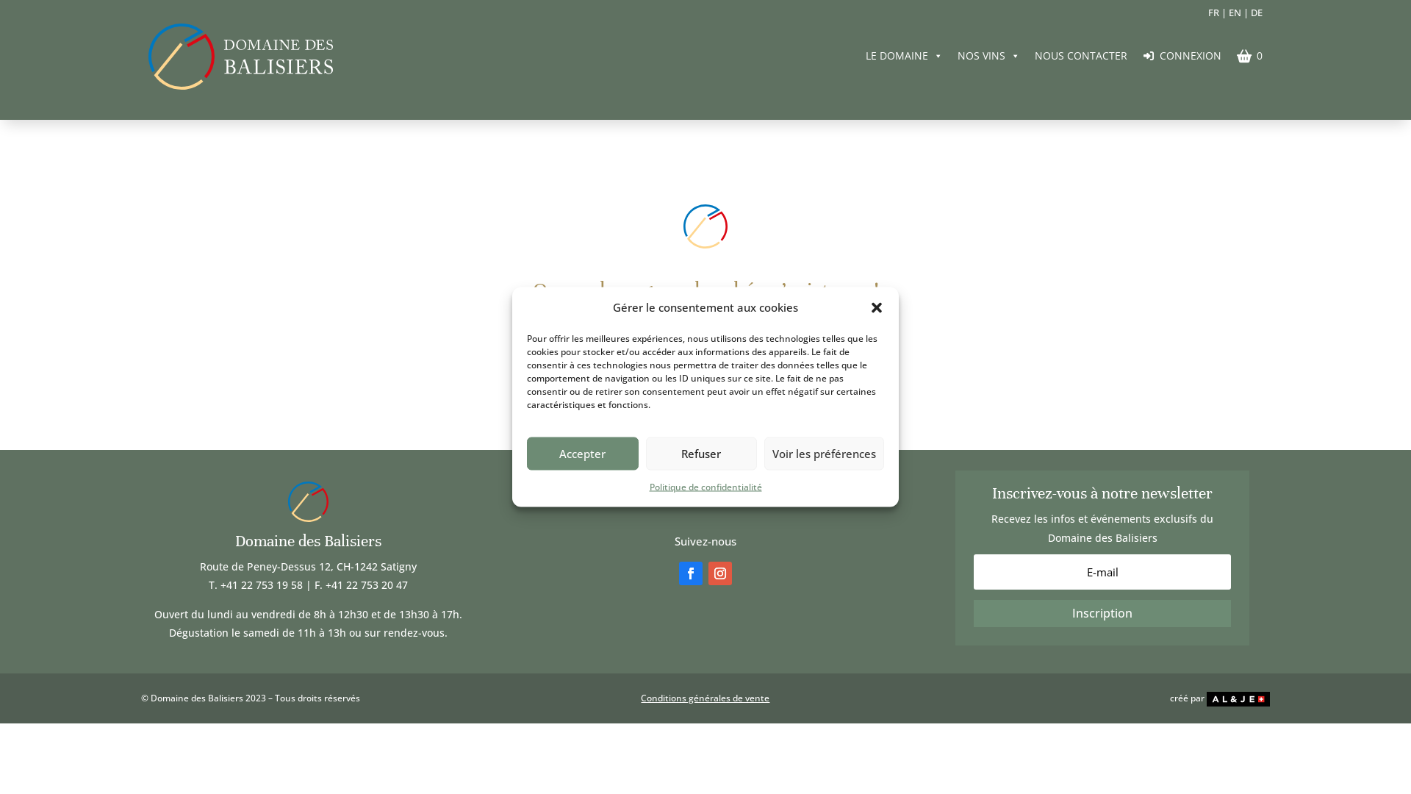 The image size is (1411, 794). I want to click on 'Refuser', so click(700, 452).